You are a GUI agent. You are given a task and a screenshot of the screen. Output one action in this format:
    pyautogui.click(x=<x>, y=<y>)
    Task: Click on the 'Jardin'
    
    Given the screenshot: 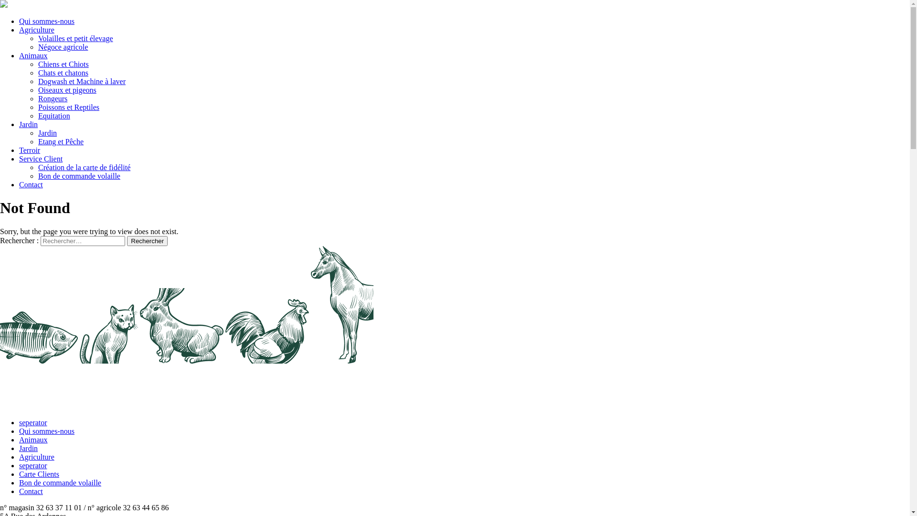 What is the action you would take?
    pyautogui.click(x=47, y=133)
    